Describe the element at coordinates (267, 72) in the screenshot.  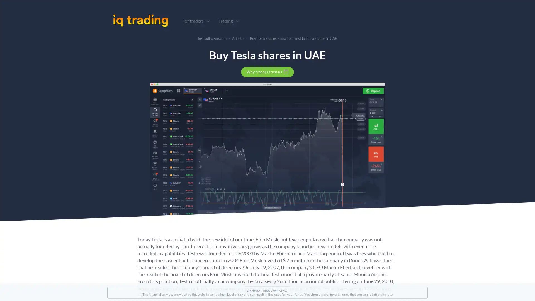
I see `Why traders trust us` at that location.